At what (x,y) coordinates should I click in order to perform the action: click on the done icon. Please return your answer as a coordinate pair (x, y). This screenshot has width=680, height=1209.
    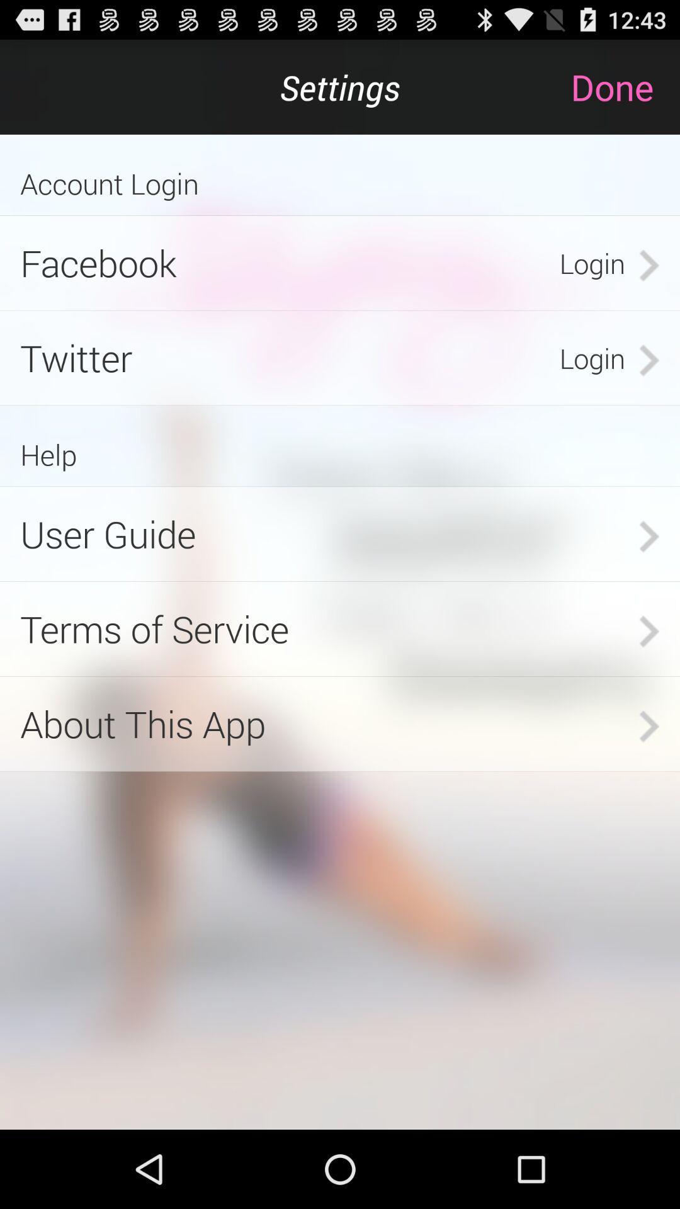
    Looking at the image, I should click on (625, 86).